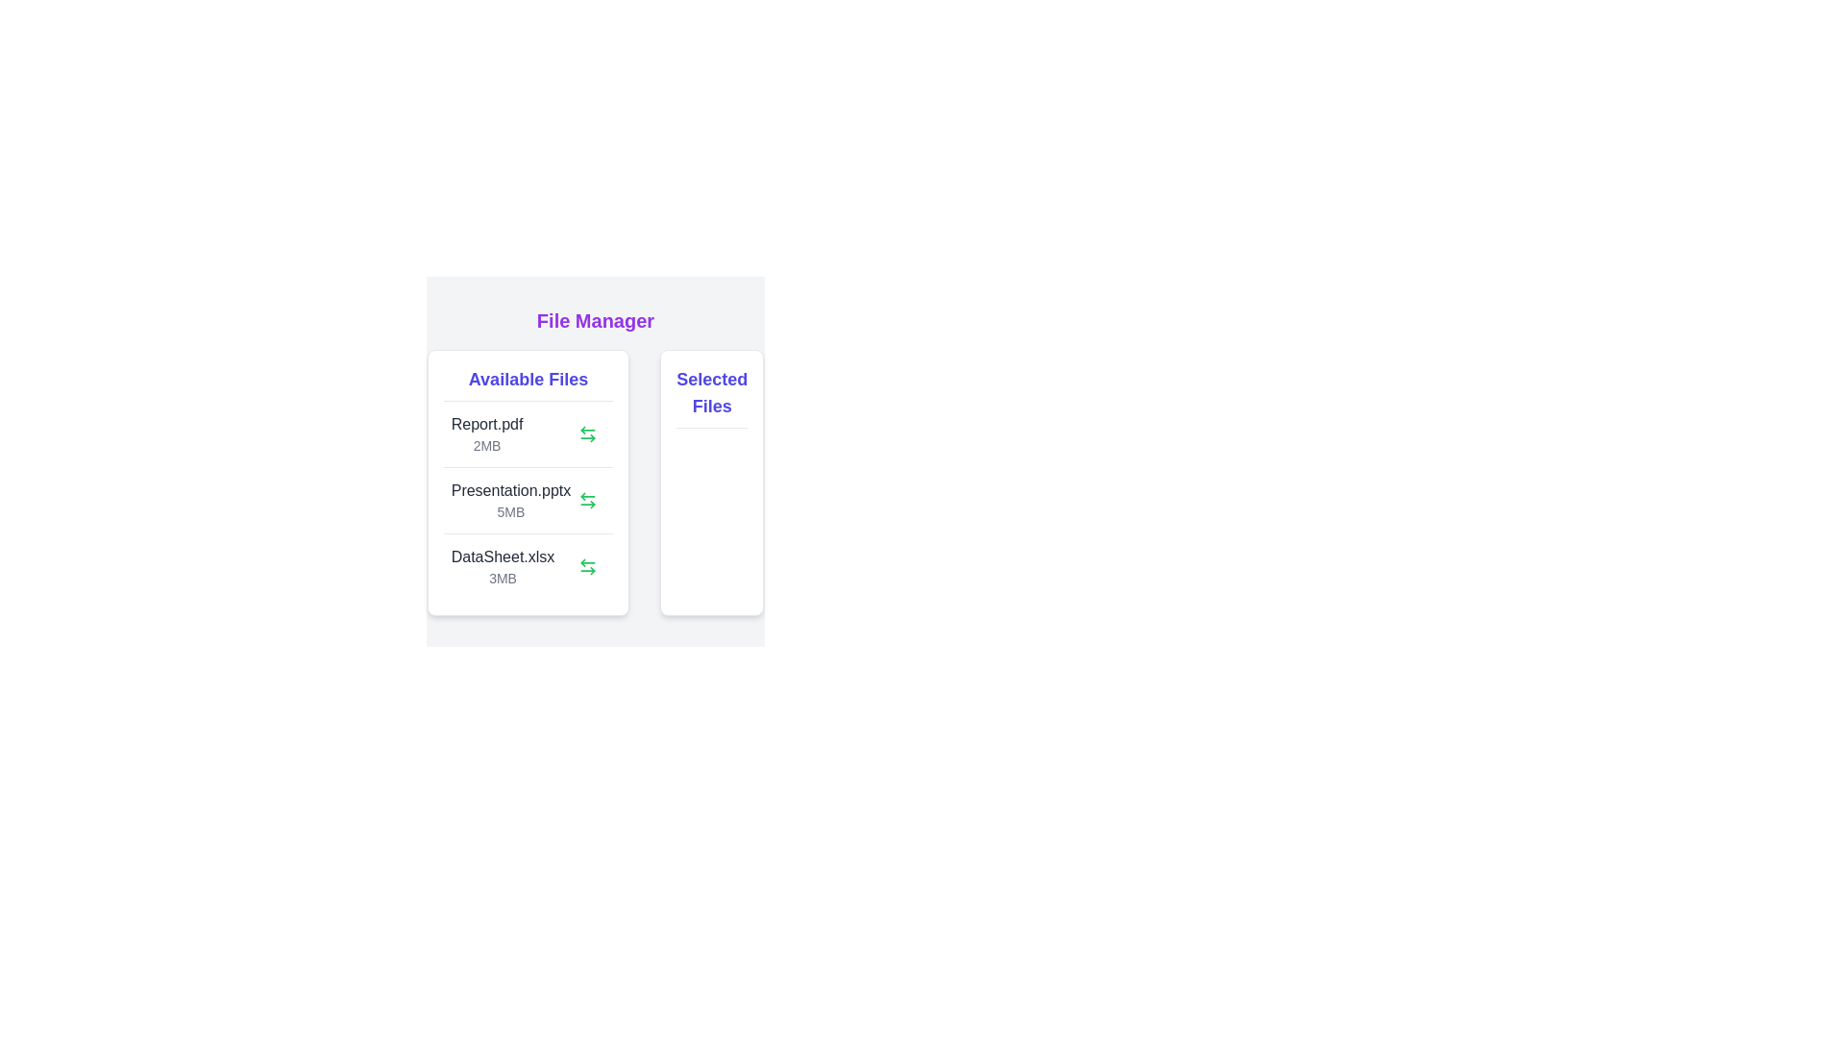  I want to click on the static header text that serves as the title for the section, which is centrally aligned above the 'Available Files' and 'Selected Files' columns, so click(594, 320).